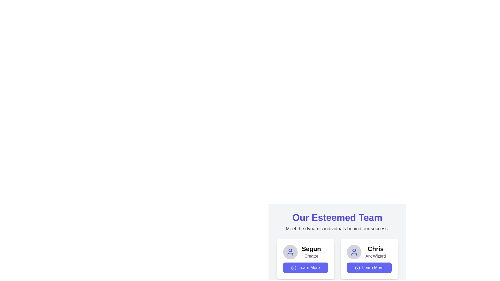 This screenshot has height=281, width=500. Describe the element at coordinates (369, 252) in the screenshot. I see `the text label and icon that identifies the member's card, located above the 'Learn More' button in the 'Our Esteemed Team' section` at that location.